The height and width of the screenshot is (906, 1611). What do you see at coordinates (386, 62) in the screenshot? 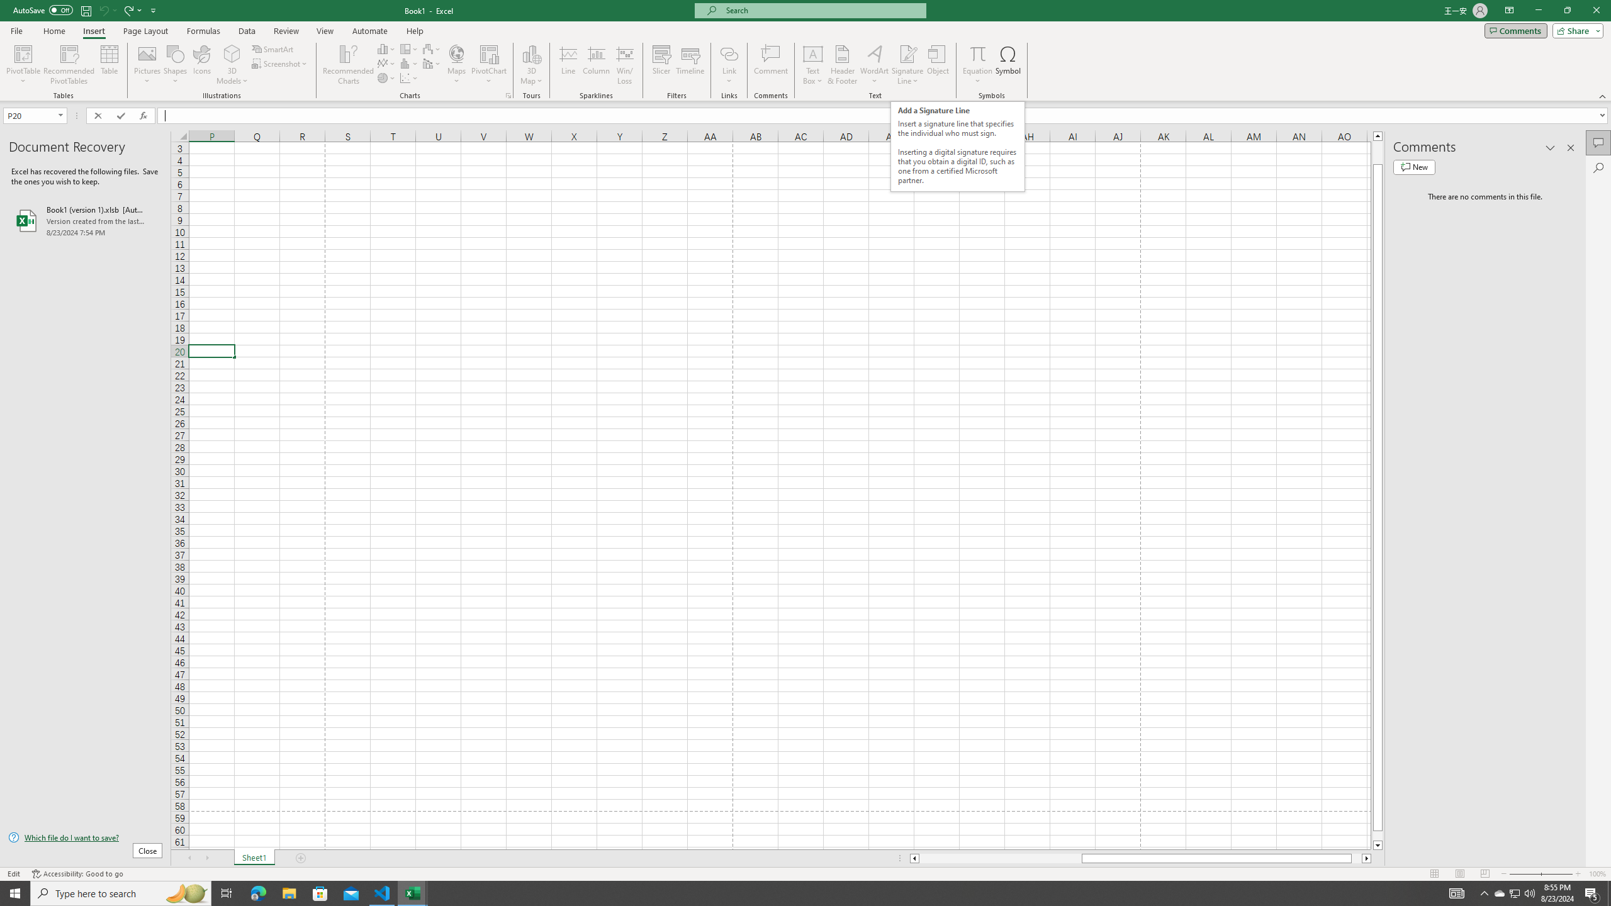
I see `'Insert Line or Area Chart'` at bounding box center [386, 62].